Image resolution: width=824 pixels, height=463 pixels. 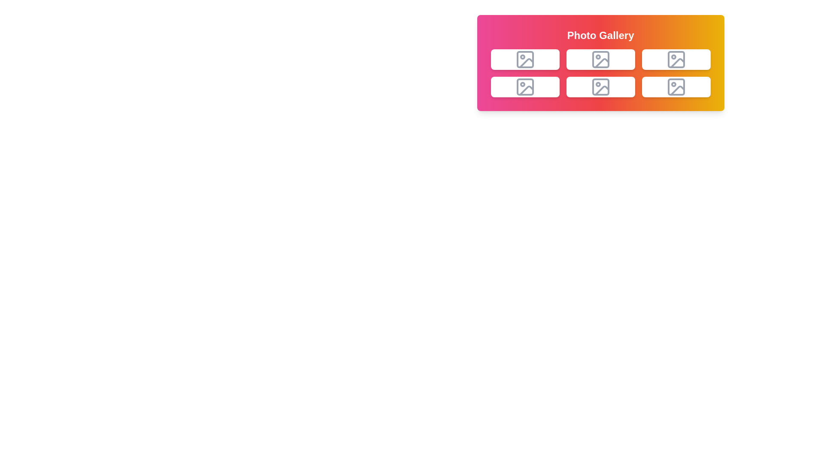 What do you see at coordinates (687, 87) in the screenshot?
I see `the interactive button located on the far-right side of the second row` at bounding box center [687, 87].